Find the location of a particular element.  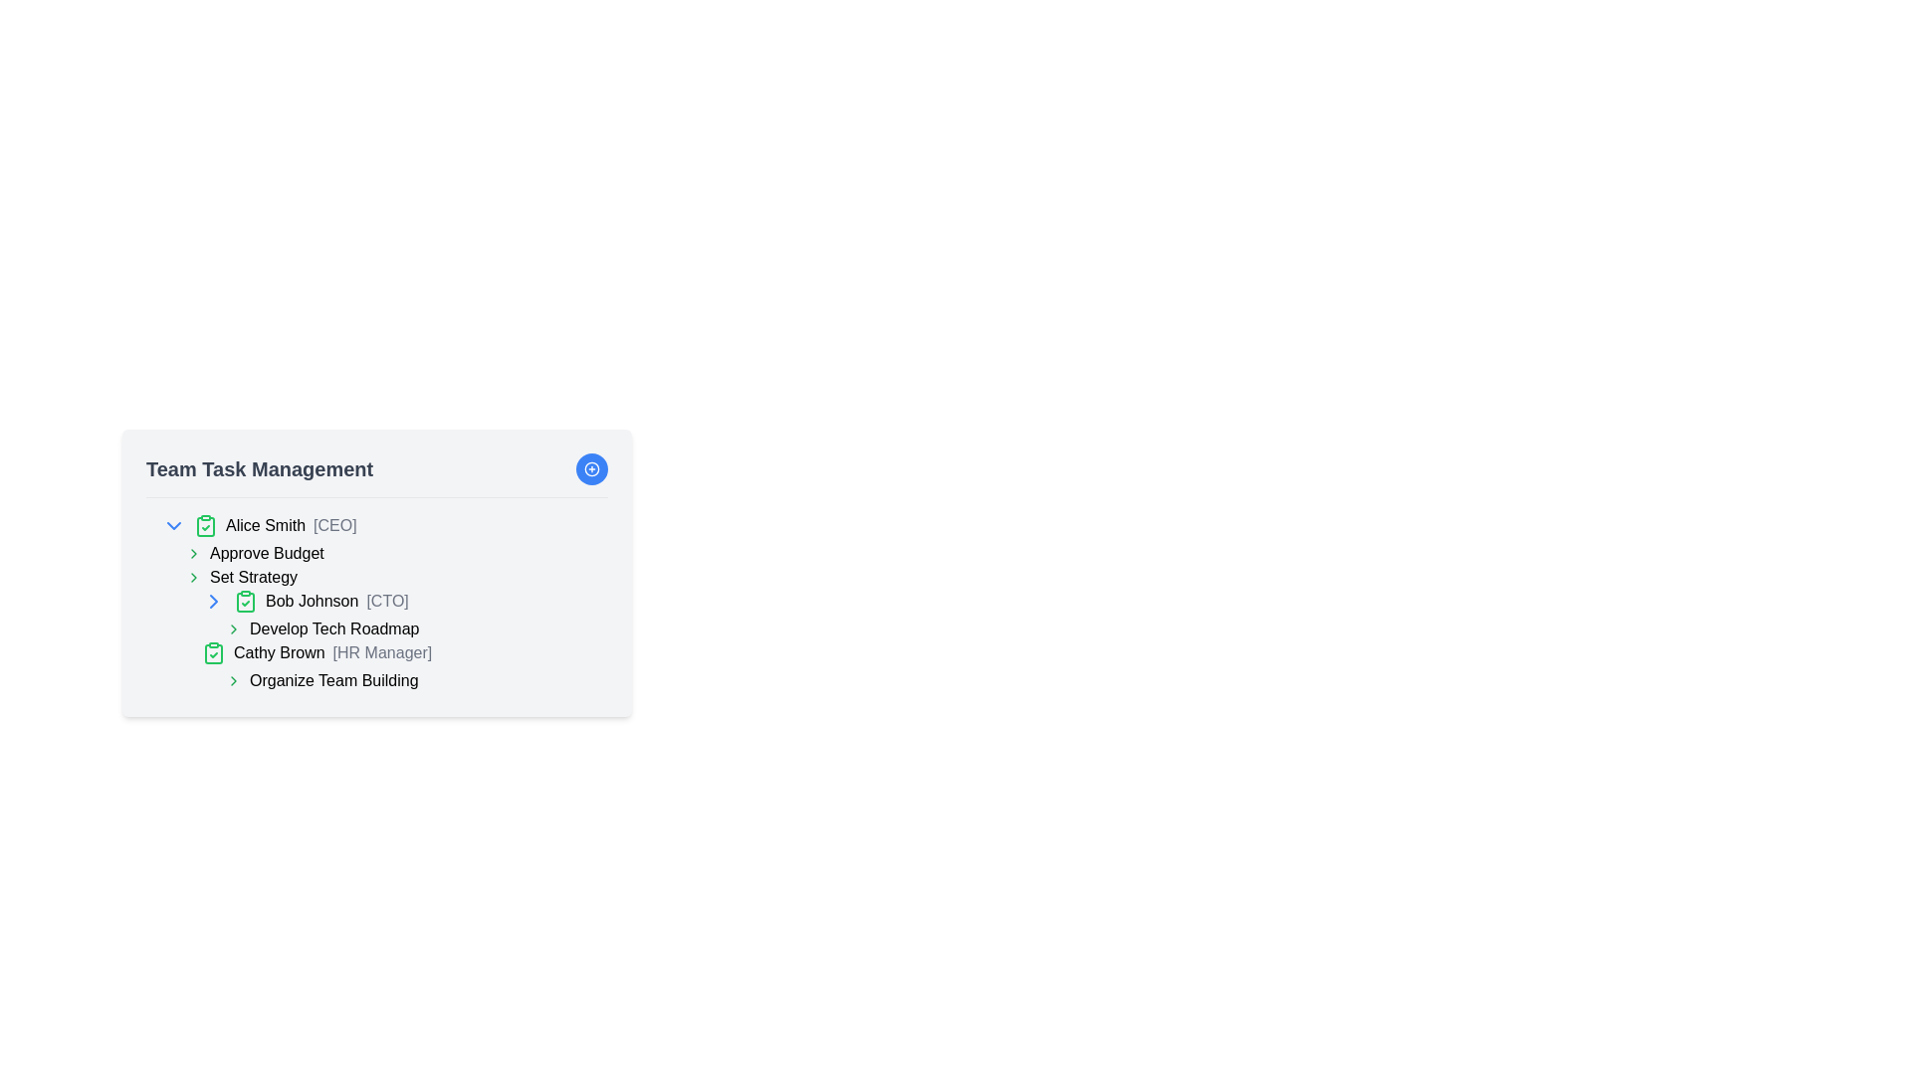

the chevron icon next to the task item 'Organize Team Building' is located at coordinates (415, 680).